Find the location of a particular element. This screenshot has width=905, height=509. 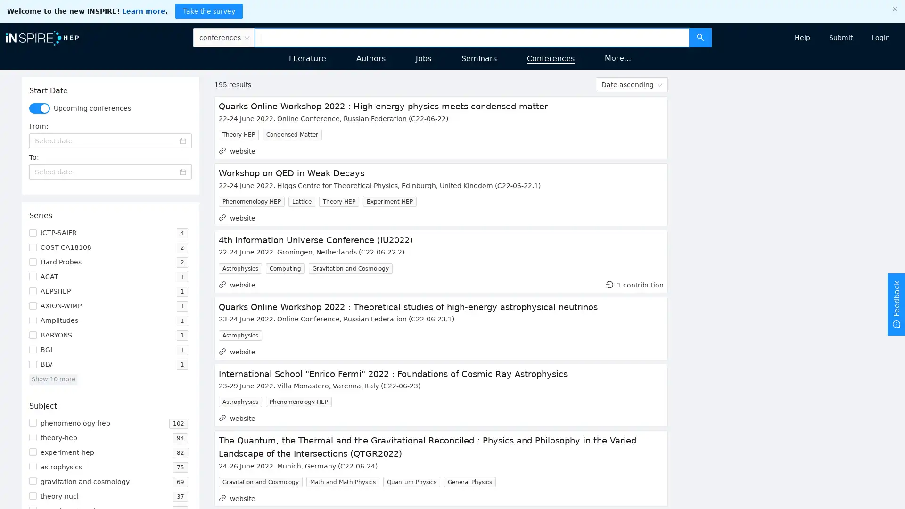

Show 10 more is located at coordinates (52, 378).